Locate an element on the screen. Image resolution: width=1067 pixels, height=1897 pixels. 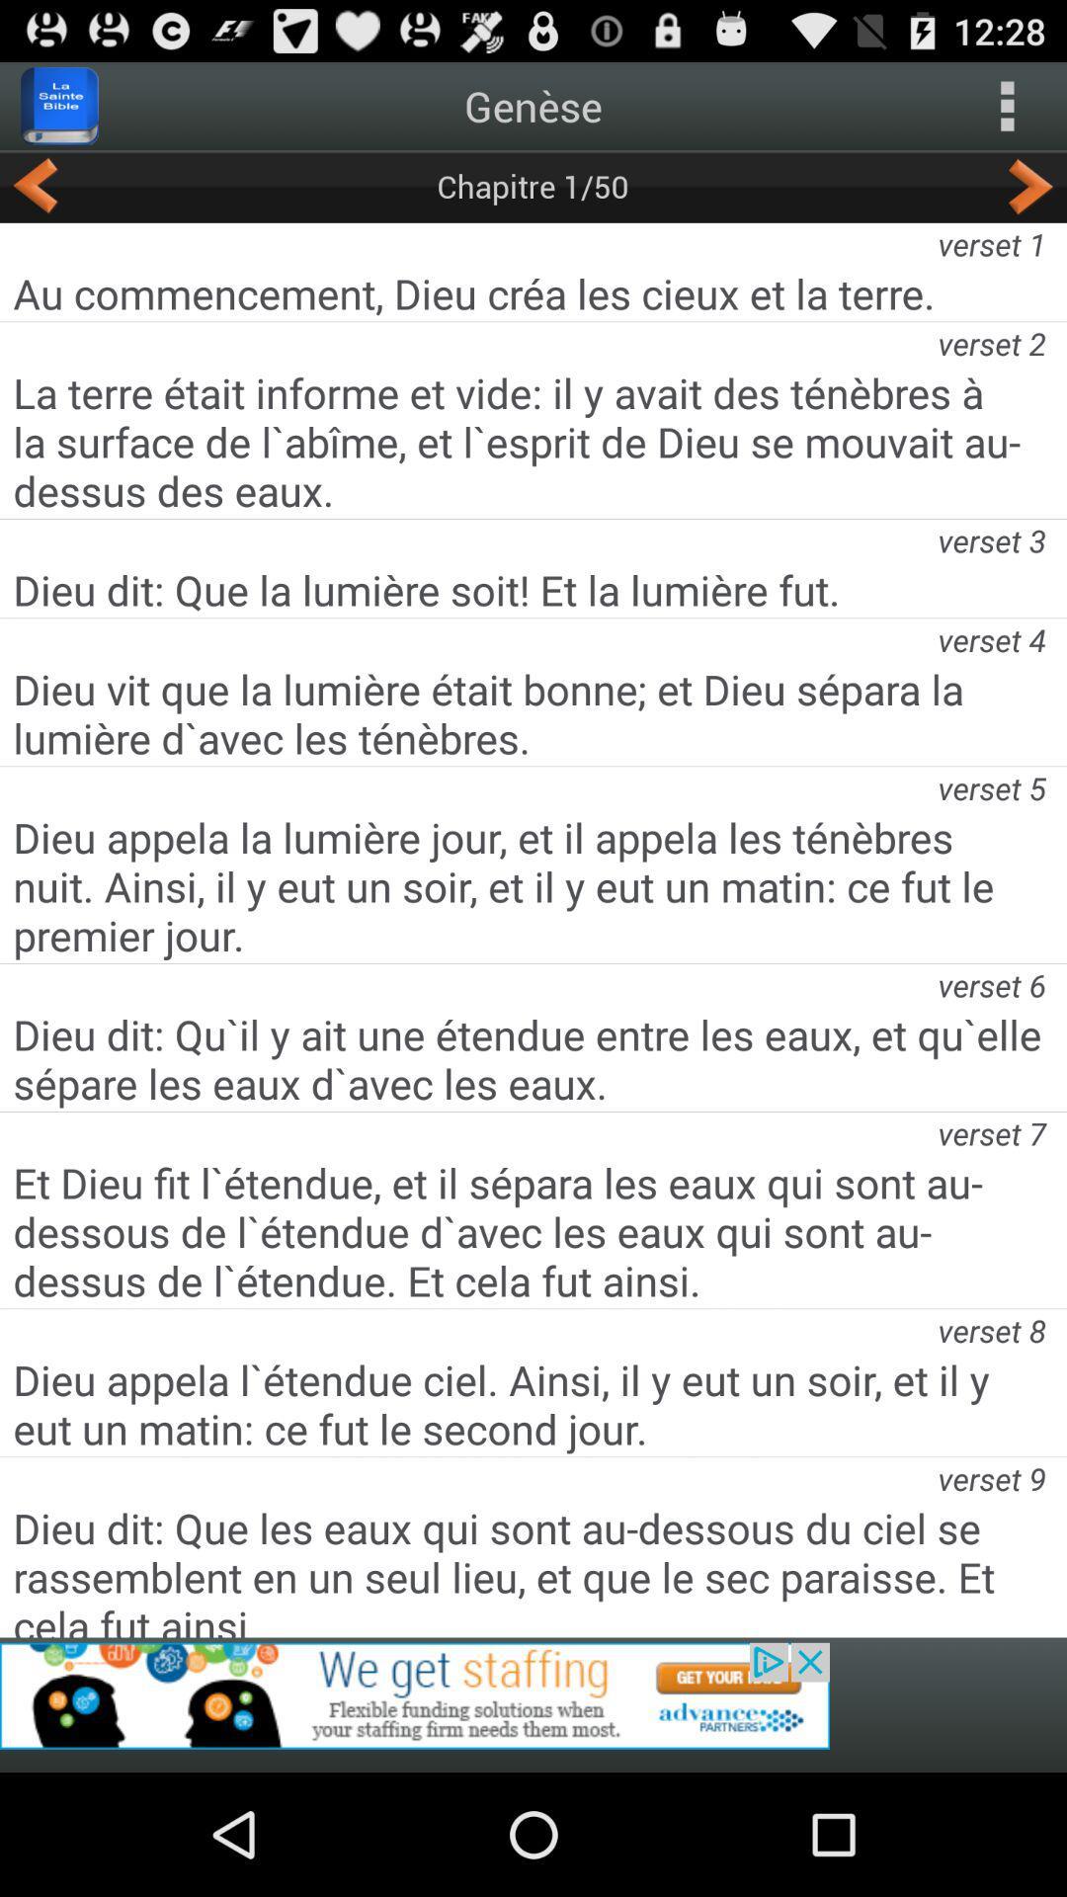
the arrow_forward icon is located at coordinates (1029, 200).